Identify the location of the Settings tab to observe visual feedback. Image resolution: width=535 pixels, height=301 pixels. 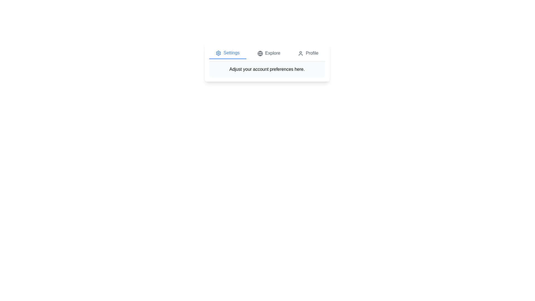
(227, 53).